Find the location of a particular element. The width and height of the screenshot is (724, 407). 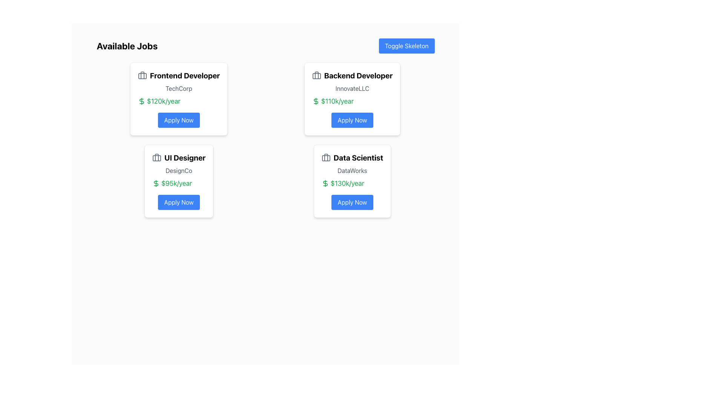

the role of the Decorative SVG shape is located at coordinates (316, 76).